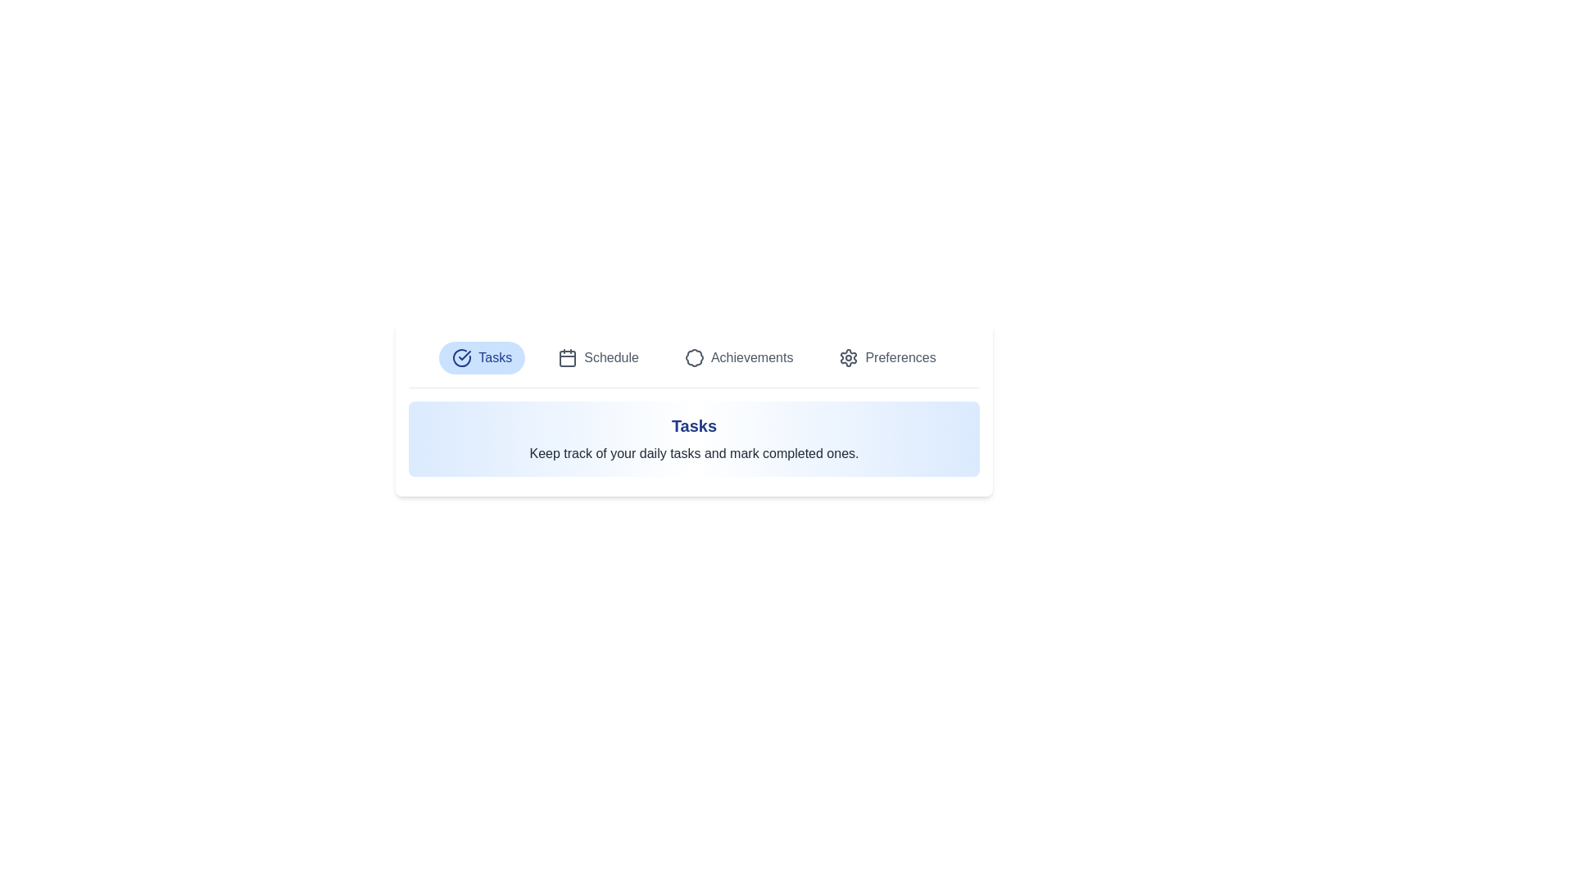  What do you see at coordinates (694, 454) in the screenshot?
I see `the static text element that provides descriptive information about the 'Tasks' section, which is located below the 'Tasks' heading and styled with a blue gradient background` at bounding box center [694, 454].